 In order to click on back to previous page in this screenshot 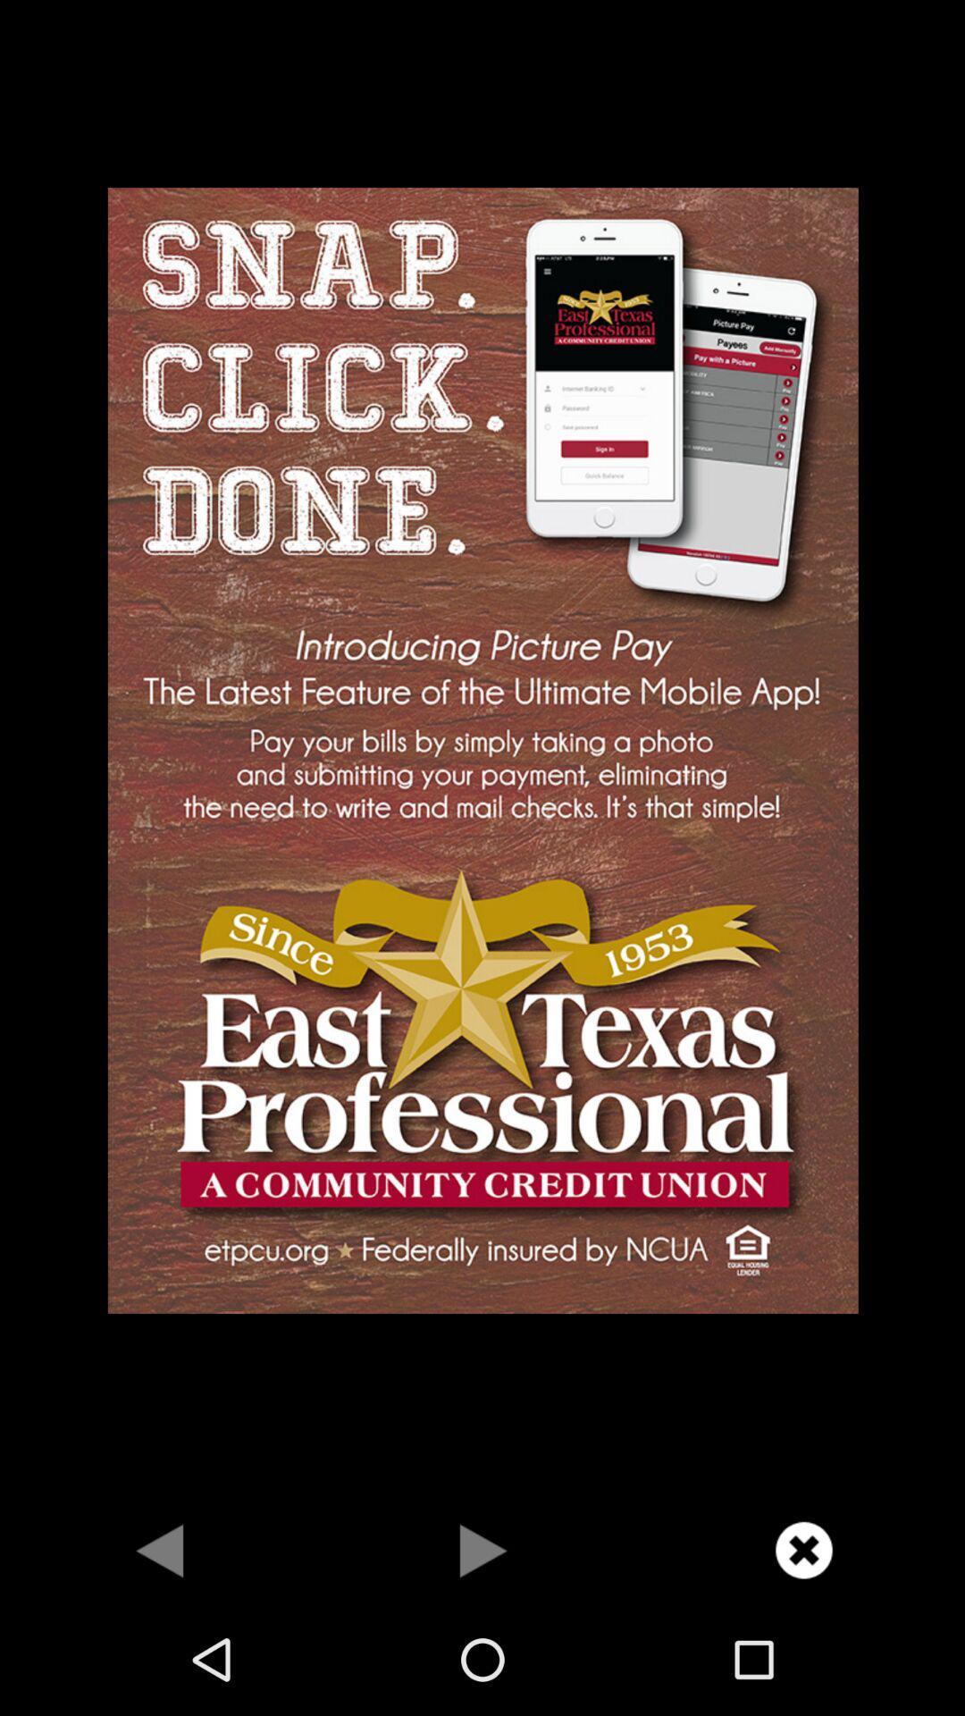, I will do `click(161, 1549)`.